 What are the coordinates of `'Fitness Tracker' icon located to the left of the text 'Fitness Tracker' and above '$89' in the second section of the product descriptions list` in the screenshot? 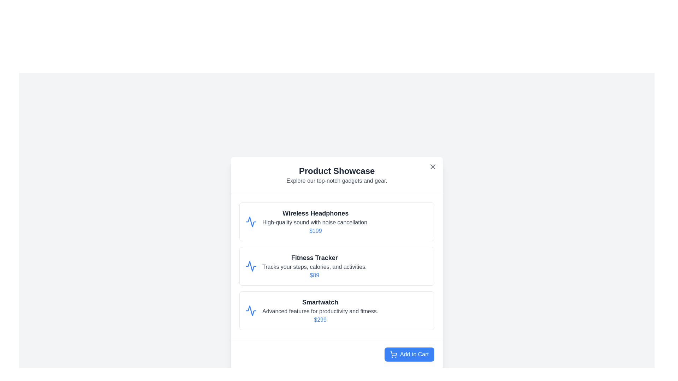 It's located at (251, 266).